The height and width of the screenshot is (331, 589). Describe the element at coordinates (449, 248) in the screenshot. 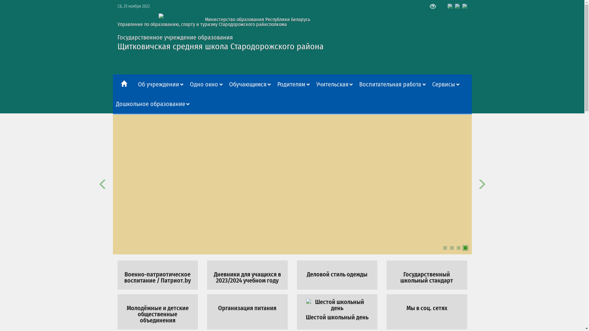

I see `'2'` at that location.